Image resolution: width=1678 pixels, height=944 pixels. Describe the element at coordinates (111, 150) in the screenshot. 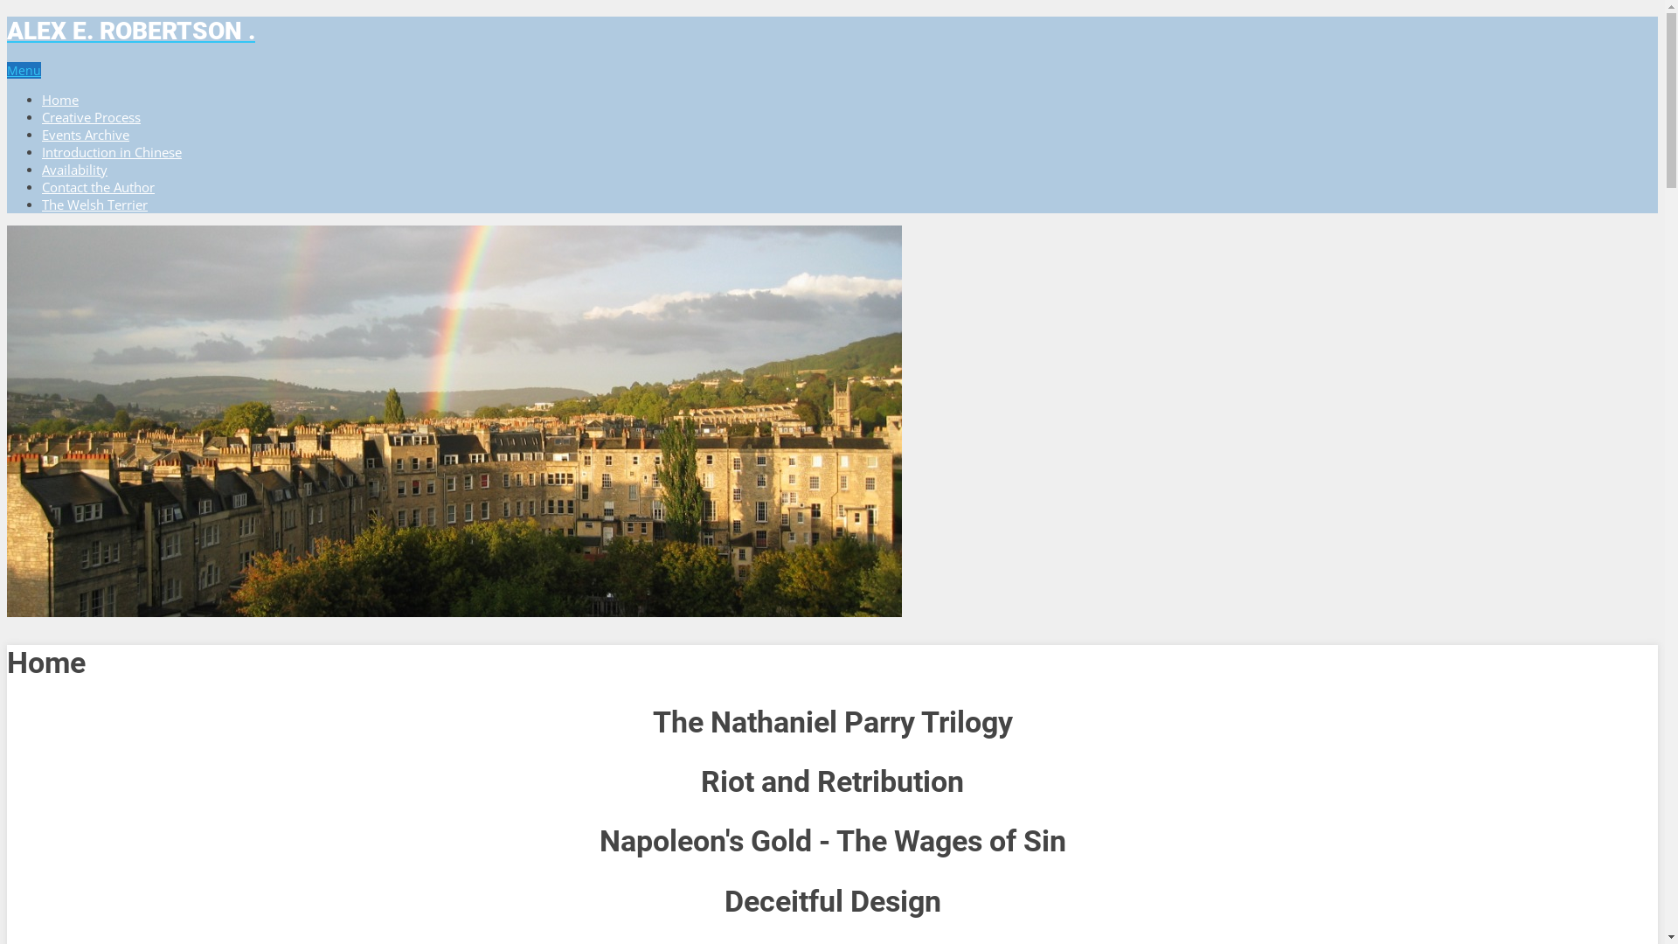

I see `'Introduction in Chinese'` at that location.